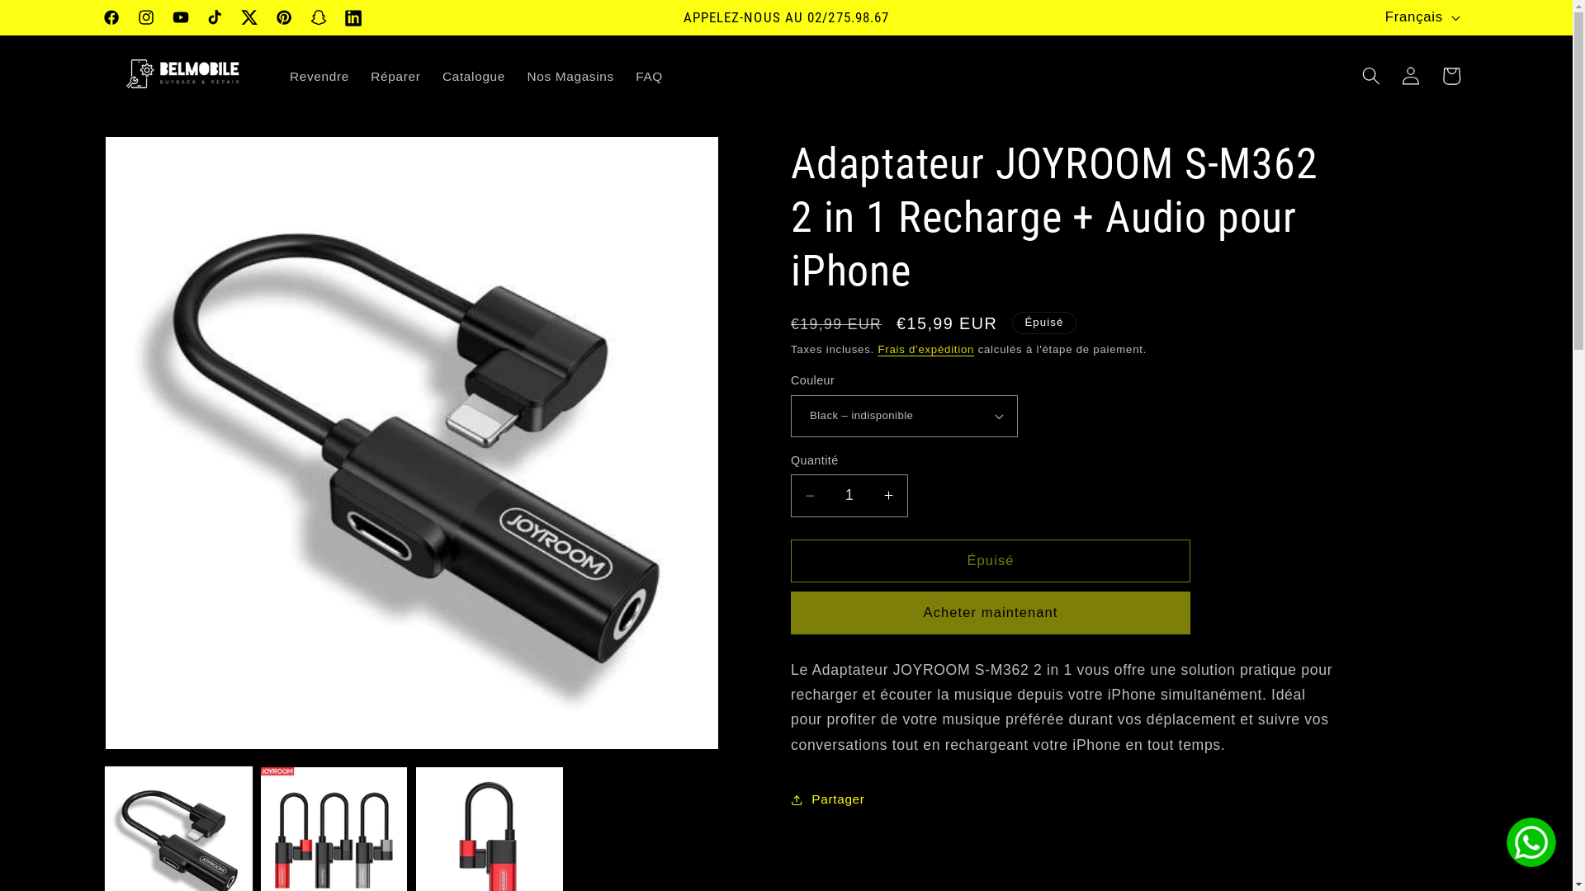 Image resolution: width=1585 pixels, height=891 pixels. Describe the element at coordinates (991, 613) in the screenshot. I see `'Acheter maintenant'` at that location.